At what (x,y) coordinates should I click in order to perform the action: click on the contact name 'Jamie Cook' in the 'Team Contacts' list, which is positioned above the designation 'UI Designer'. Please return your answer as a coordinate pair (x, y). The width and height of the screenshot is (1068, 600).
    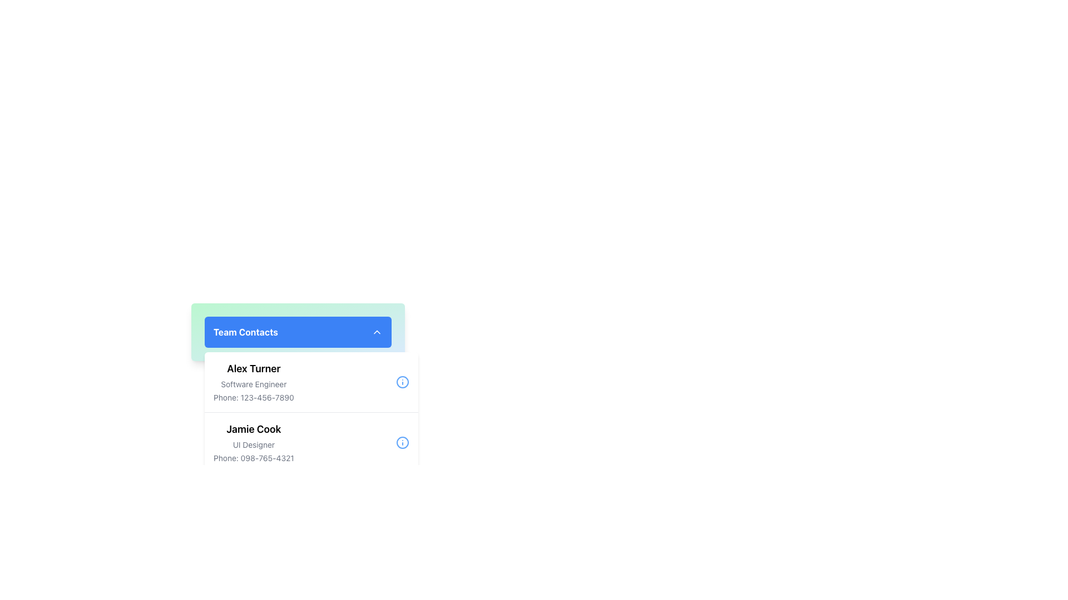
    Looking at the image, I should click on (253, 428).